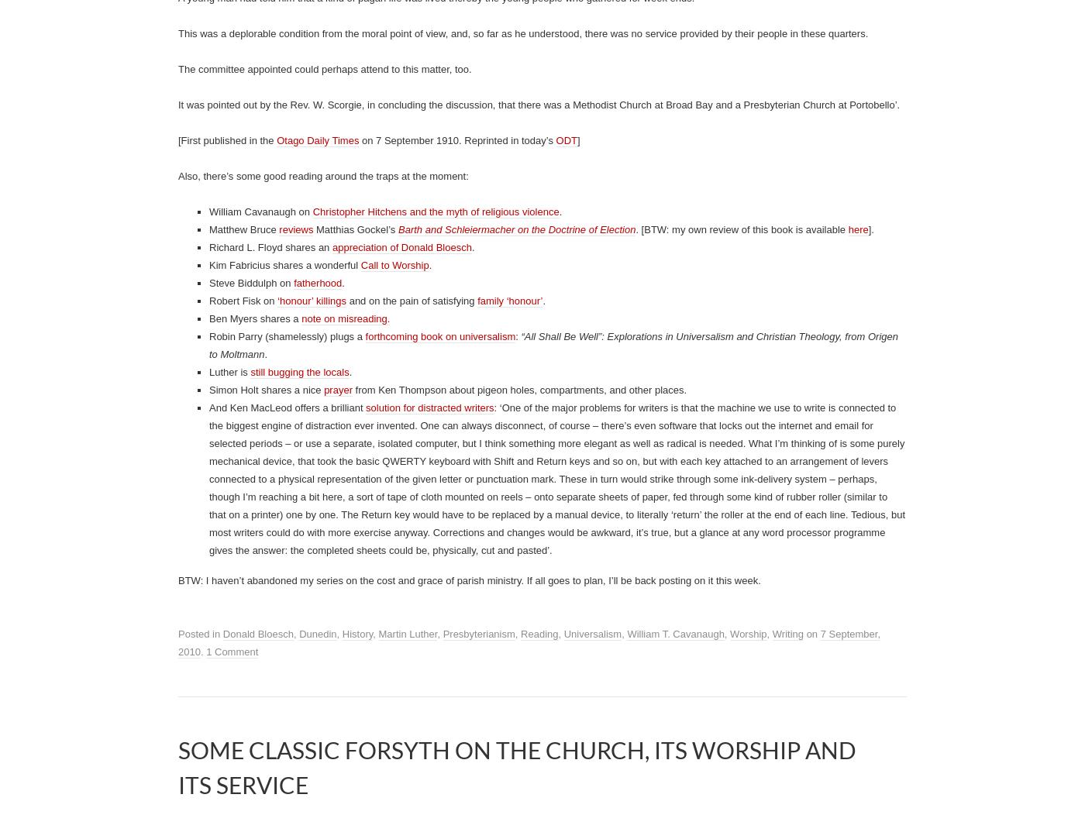 Image resolution: width=1085 pixels, height=815 pixels. Describe the element at coordinates (439, 466) in the screenshot. I see `'The Rev. J. Chisholm said it seemed to him that more       attention should be given to these seaside resorts in the       future.'` at that location.